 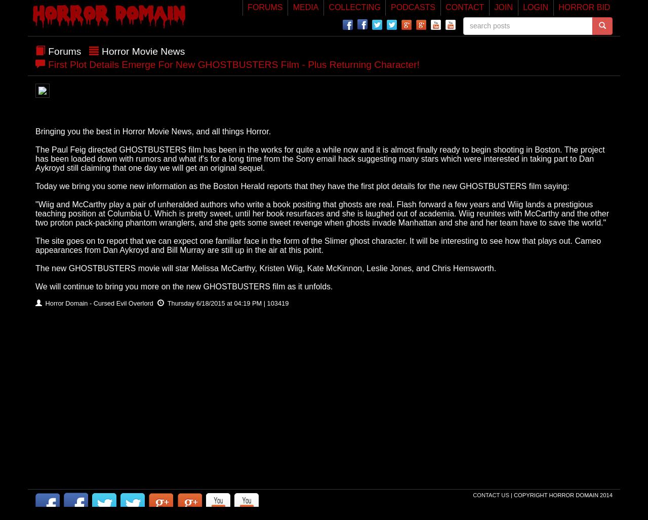 I want to click on 'CONTACT', so click(x=464, y=7).